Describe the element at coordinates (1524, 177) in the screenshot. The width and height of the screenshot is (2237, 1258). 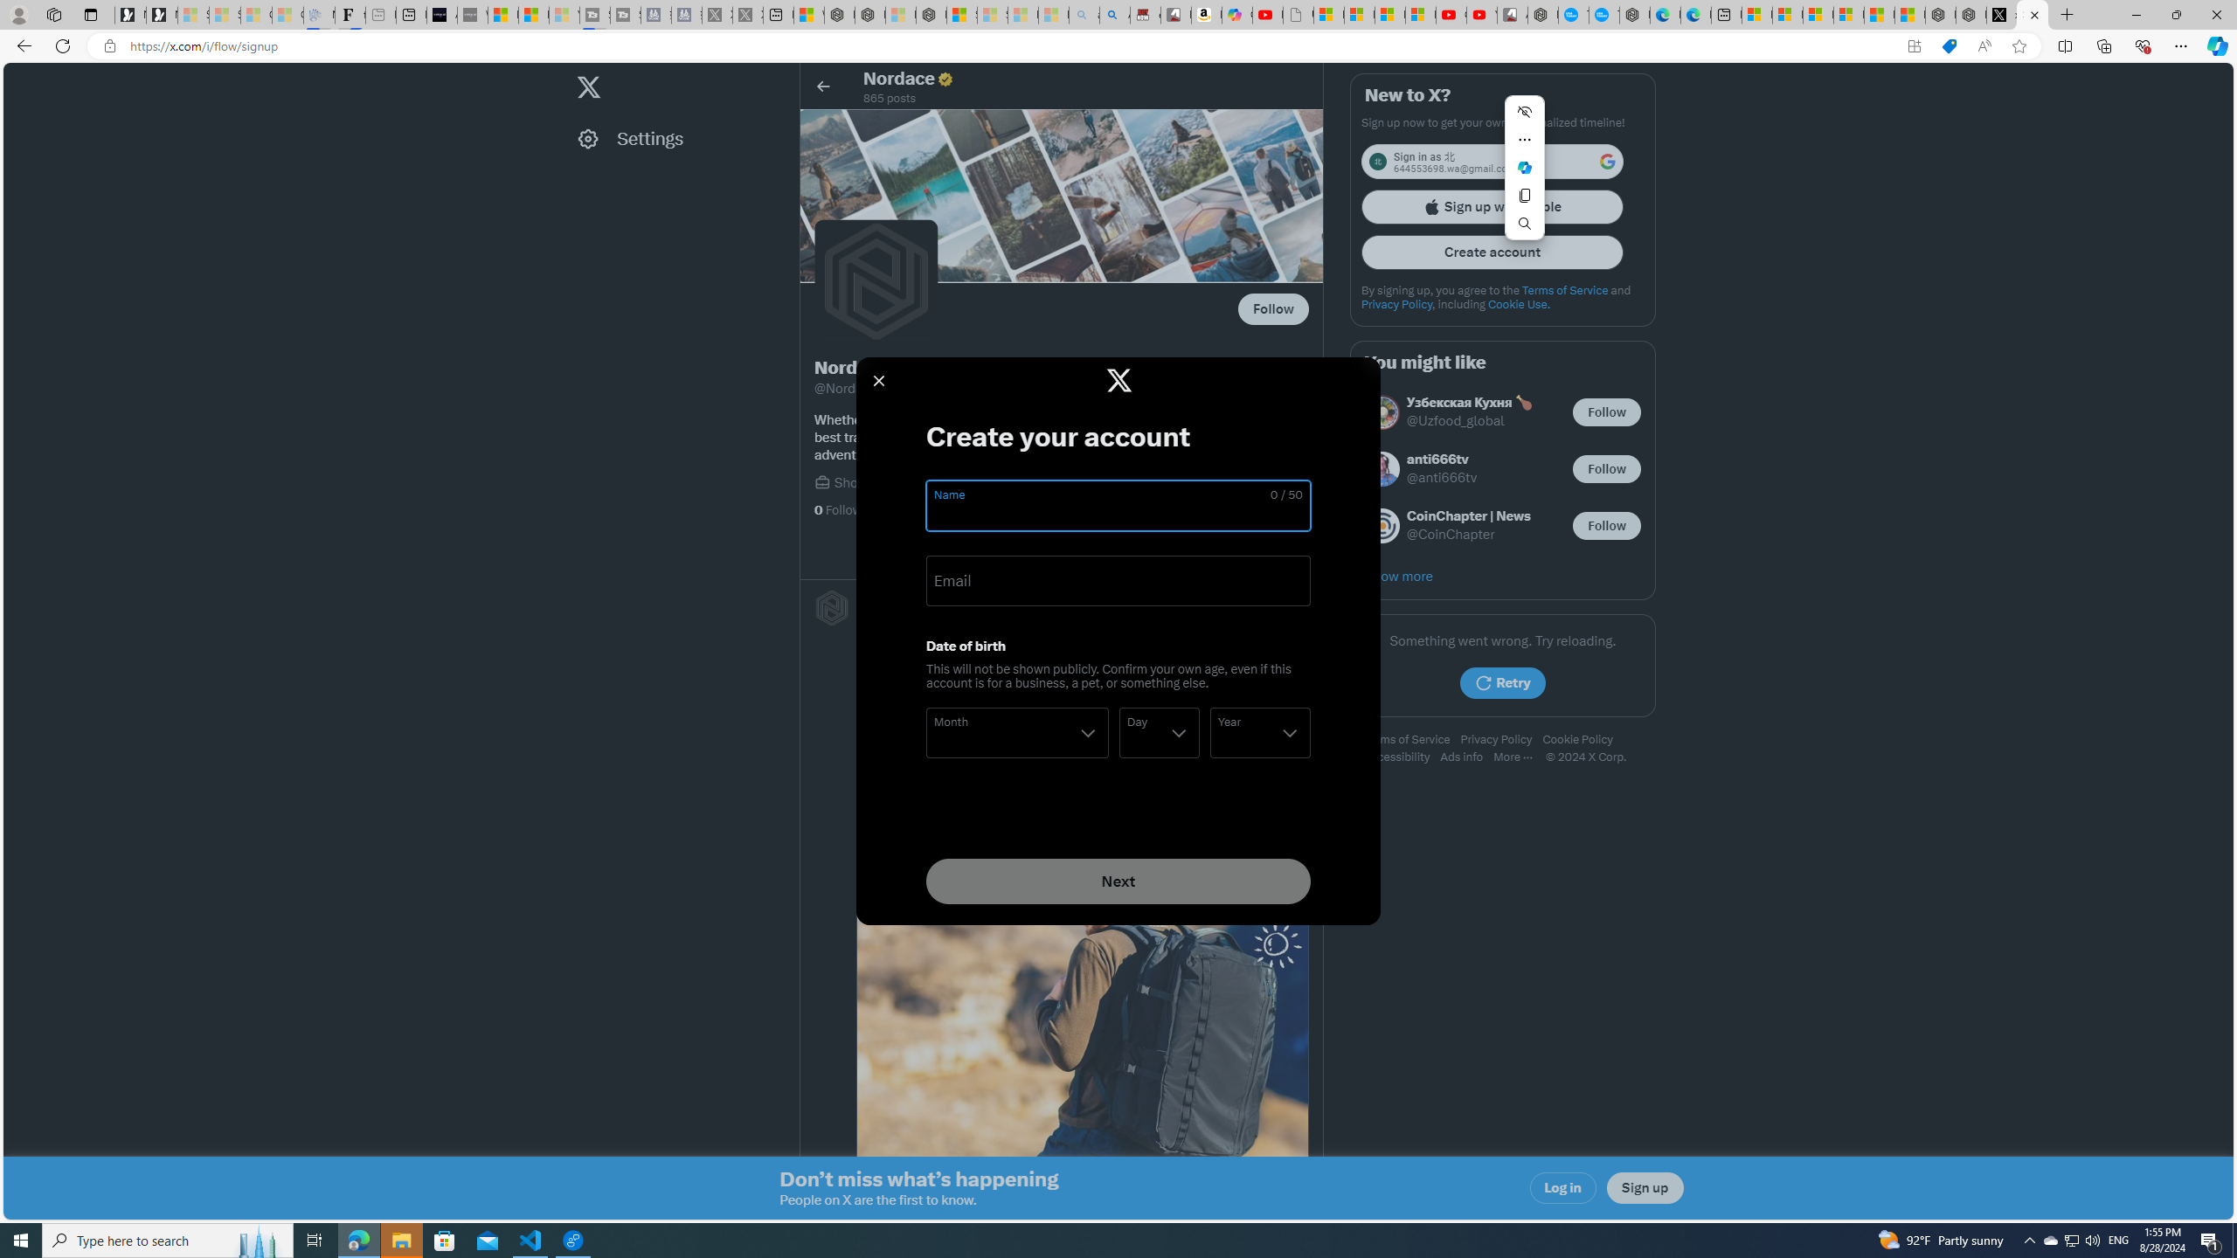
I see `'Mini menu on text selection'` at that location.